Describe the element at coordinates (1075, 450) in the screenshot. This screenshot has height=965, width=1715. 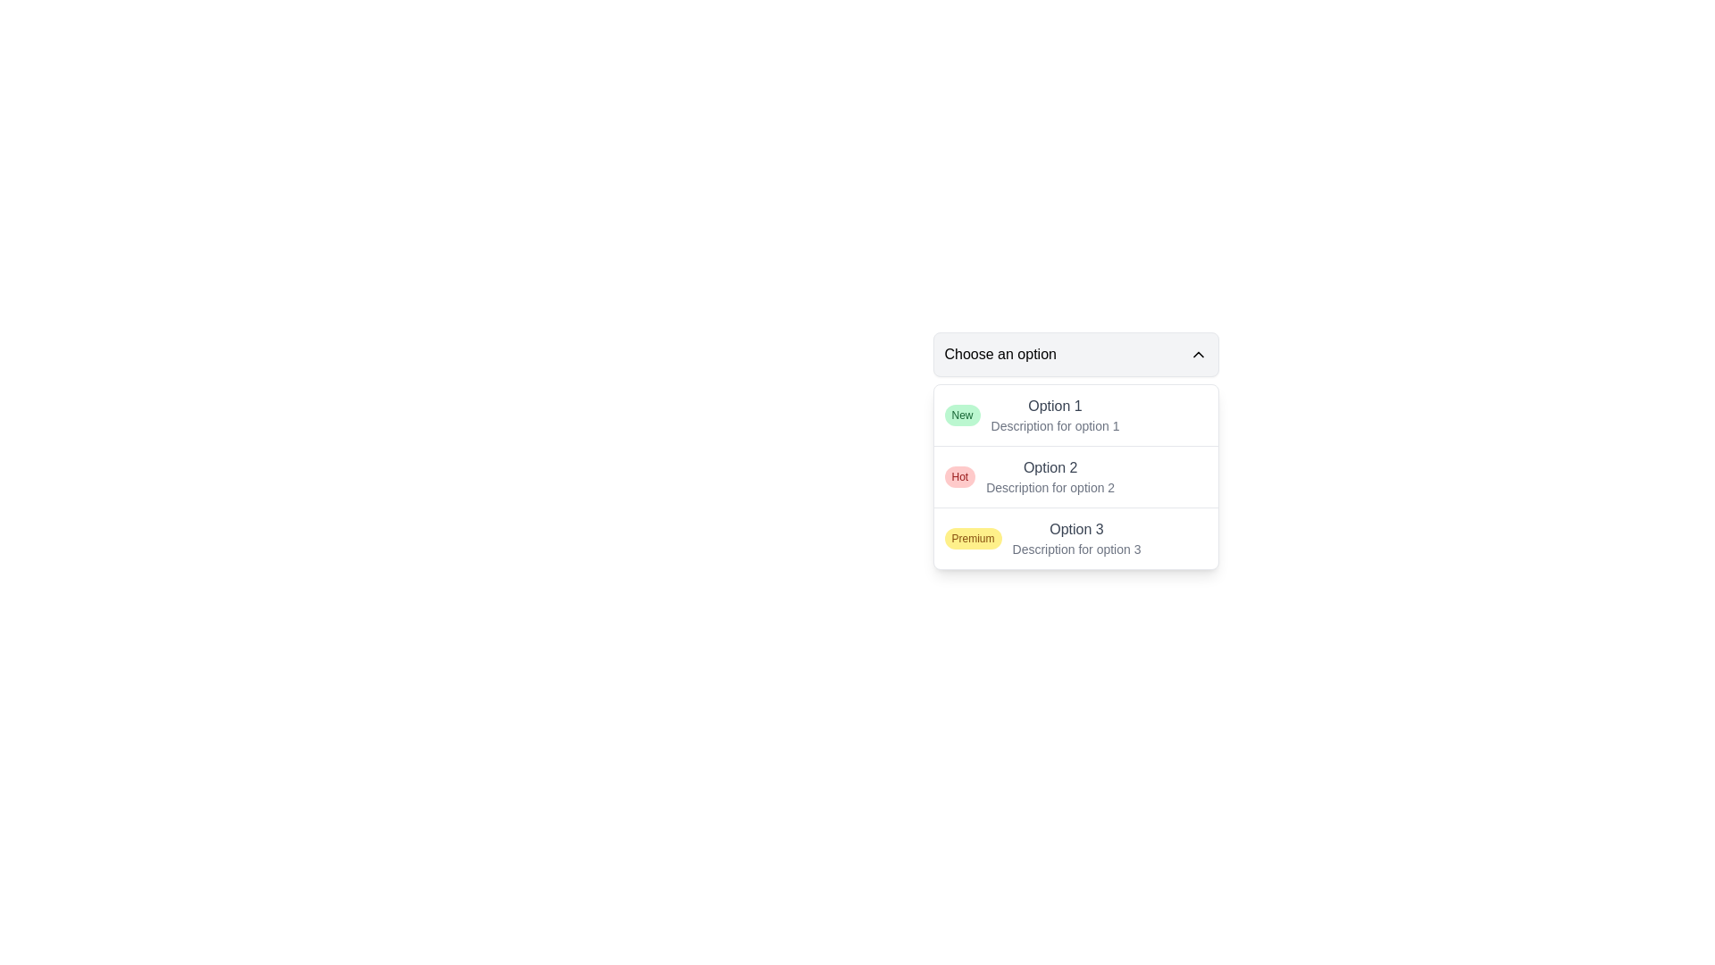
I see `the dropdown menu item labeled 'Option 2' with a red badge 'Hot'` at that location.